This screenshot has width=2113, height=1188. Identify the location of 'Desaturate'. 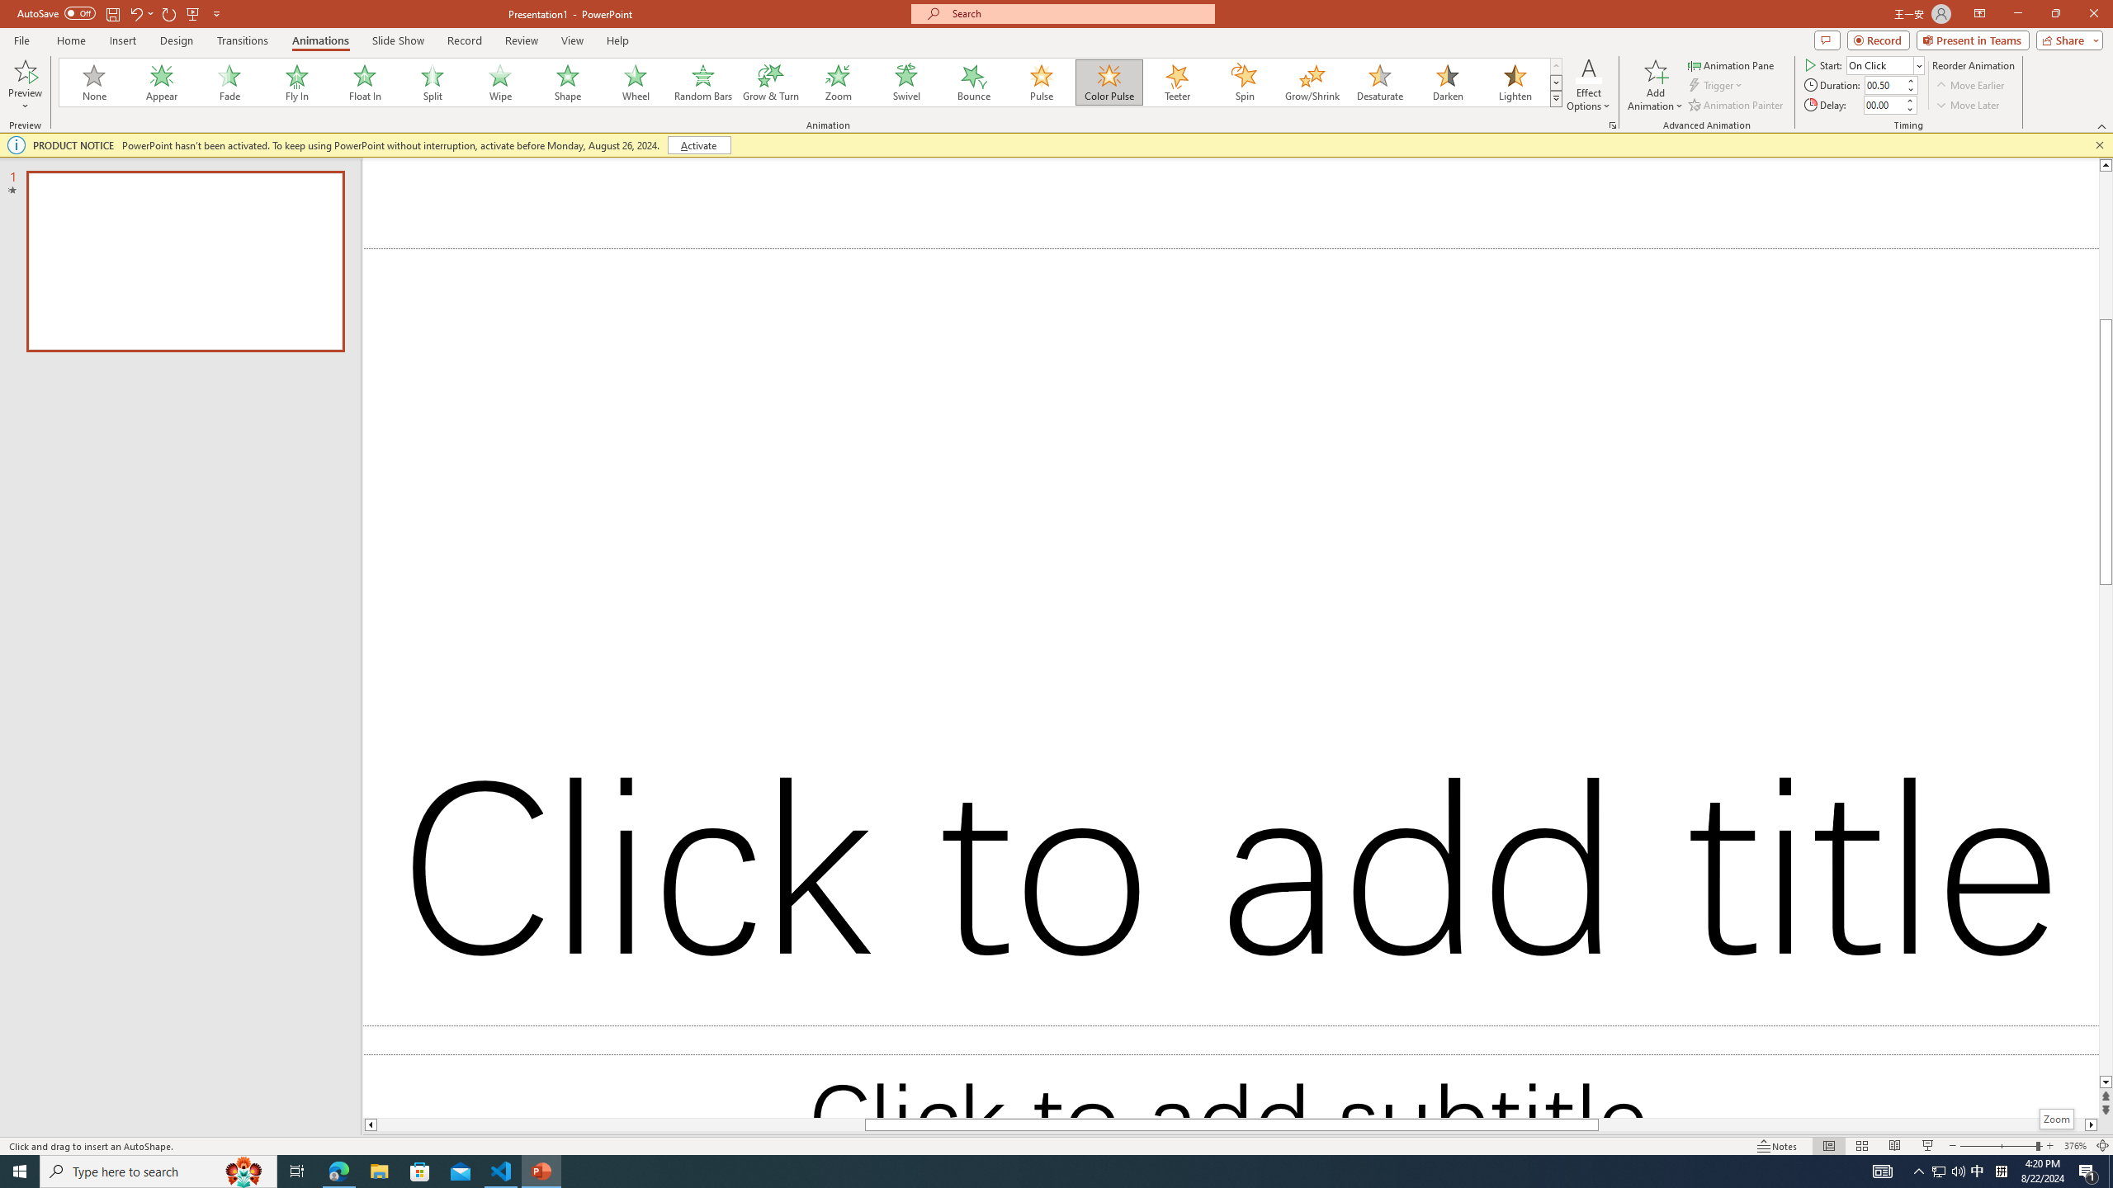
(1379, 82).